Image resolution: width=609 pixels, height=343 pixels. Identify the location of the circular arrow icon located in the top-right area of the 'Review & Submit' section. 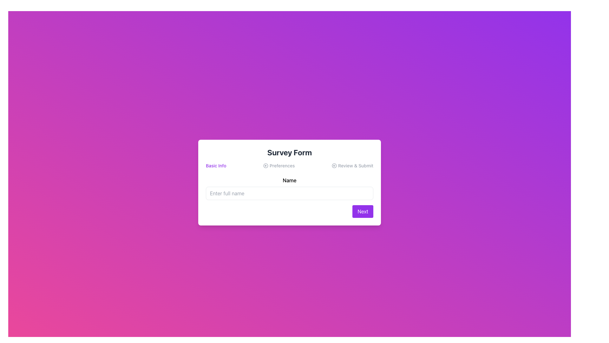
(334, 165).